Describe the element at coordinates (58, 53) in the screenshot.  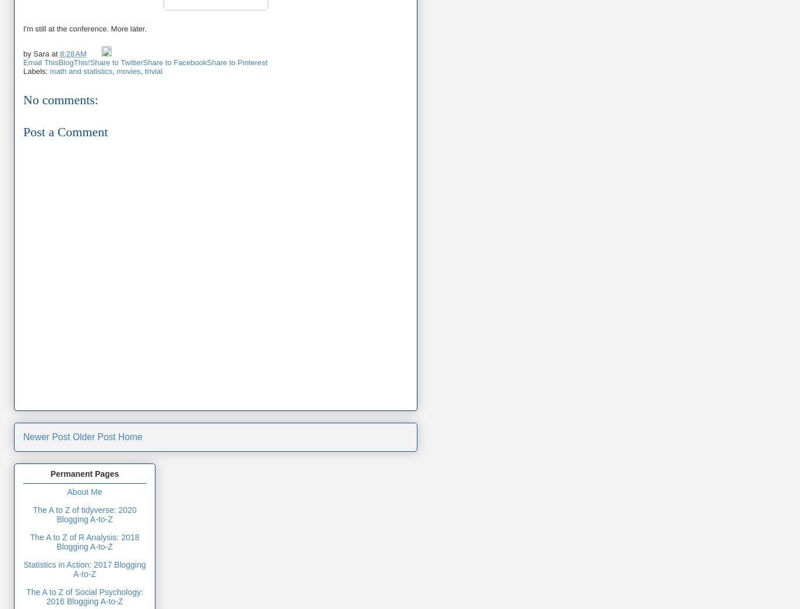
I see `'8:28 AM'` at that location.